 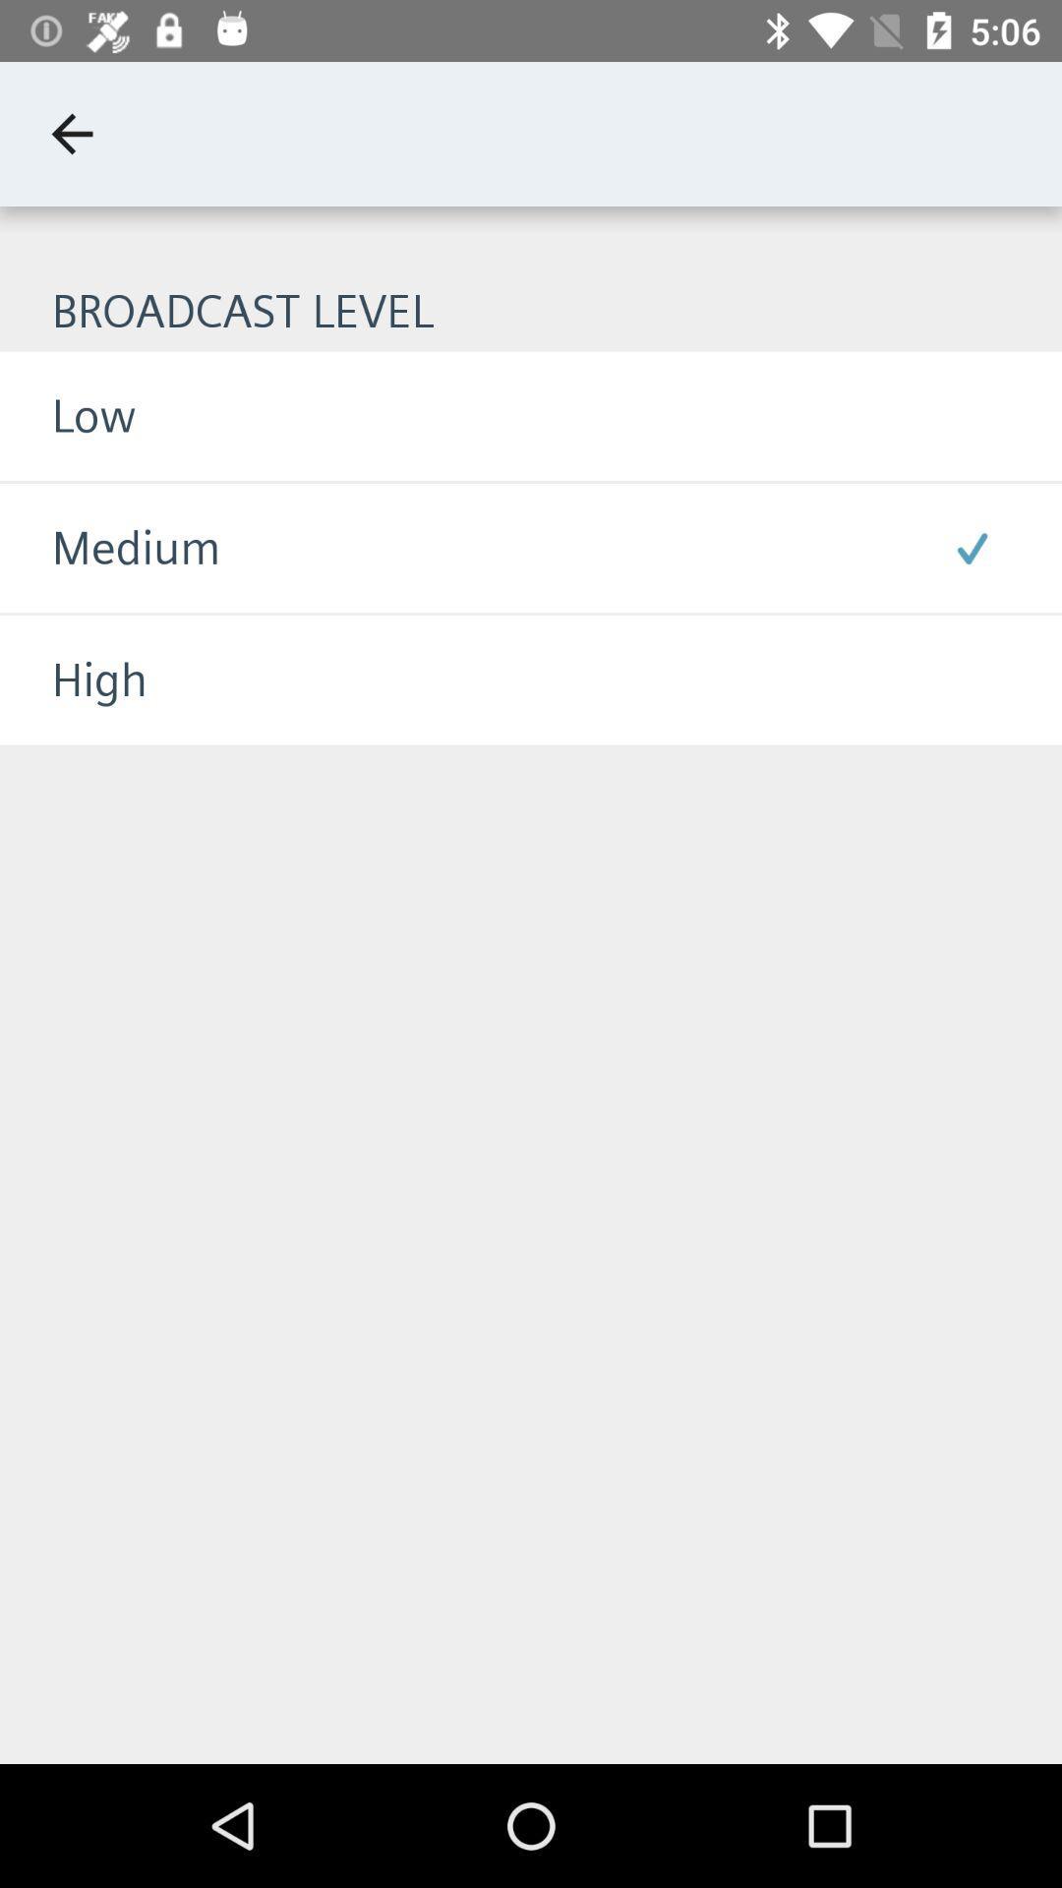 I want to click on medium item, so click(x=110, y=548).